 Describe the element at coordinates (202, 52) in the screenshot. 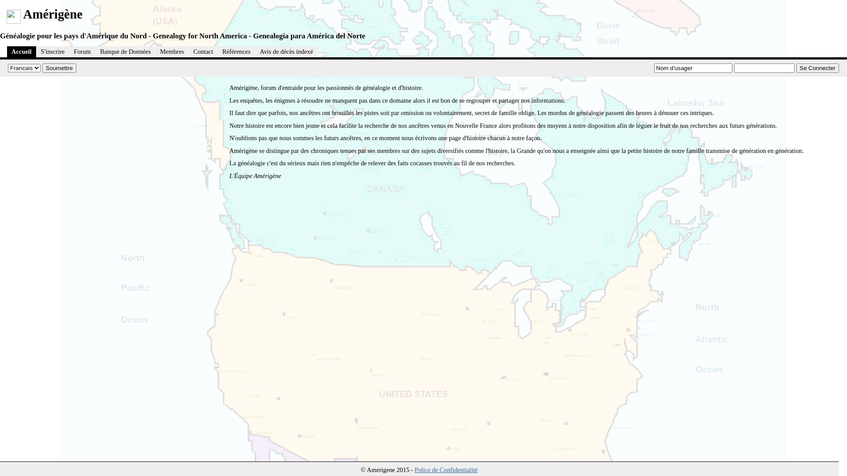

I see `'Contact'` at that location.